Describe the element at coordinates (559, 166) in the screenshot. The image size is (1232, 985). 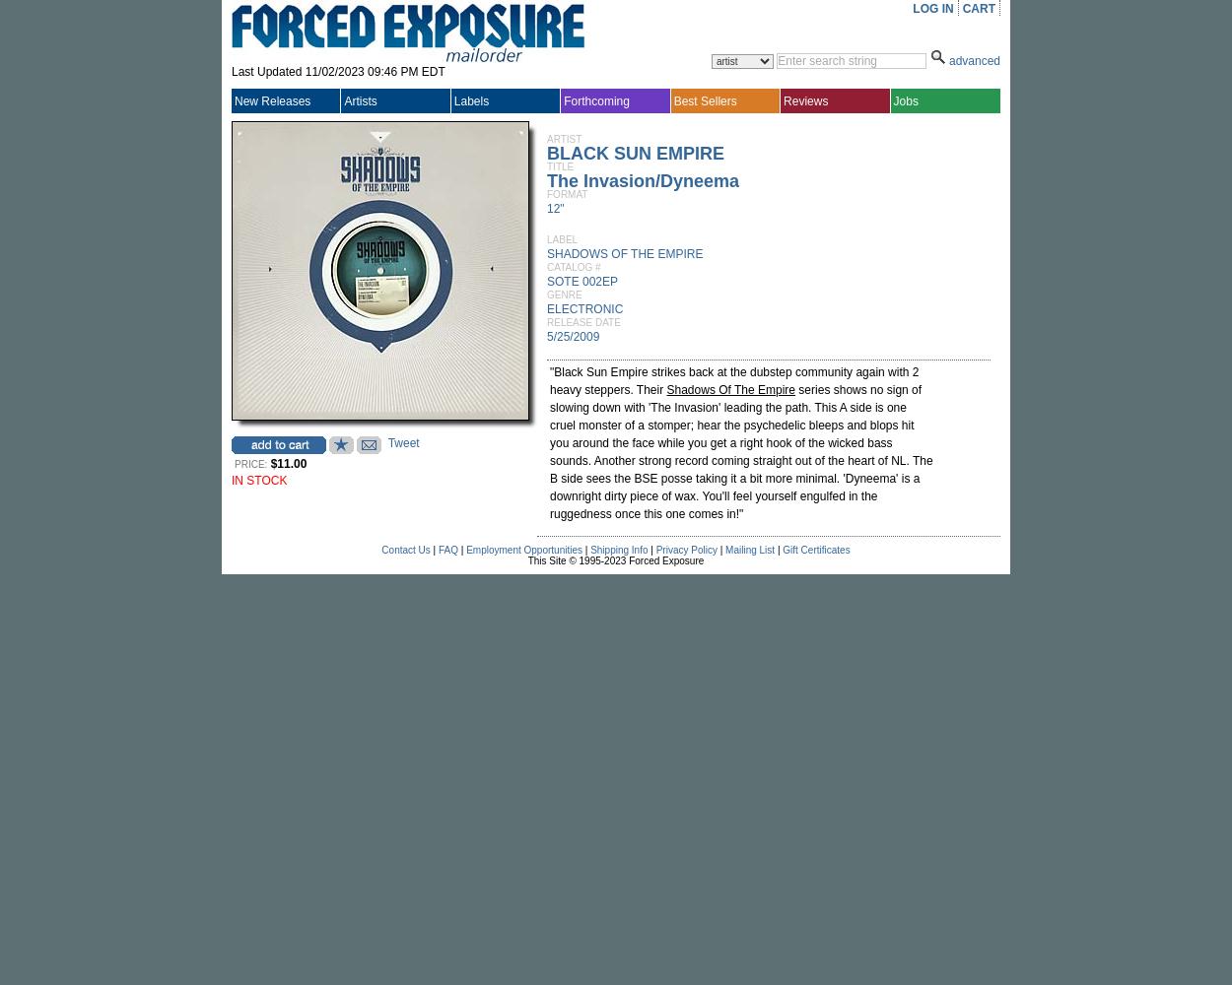
I see `'TITLE'` at that location.